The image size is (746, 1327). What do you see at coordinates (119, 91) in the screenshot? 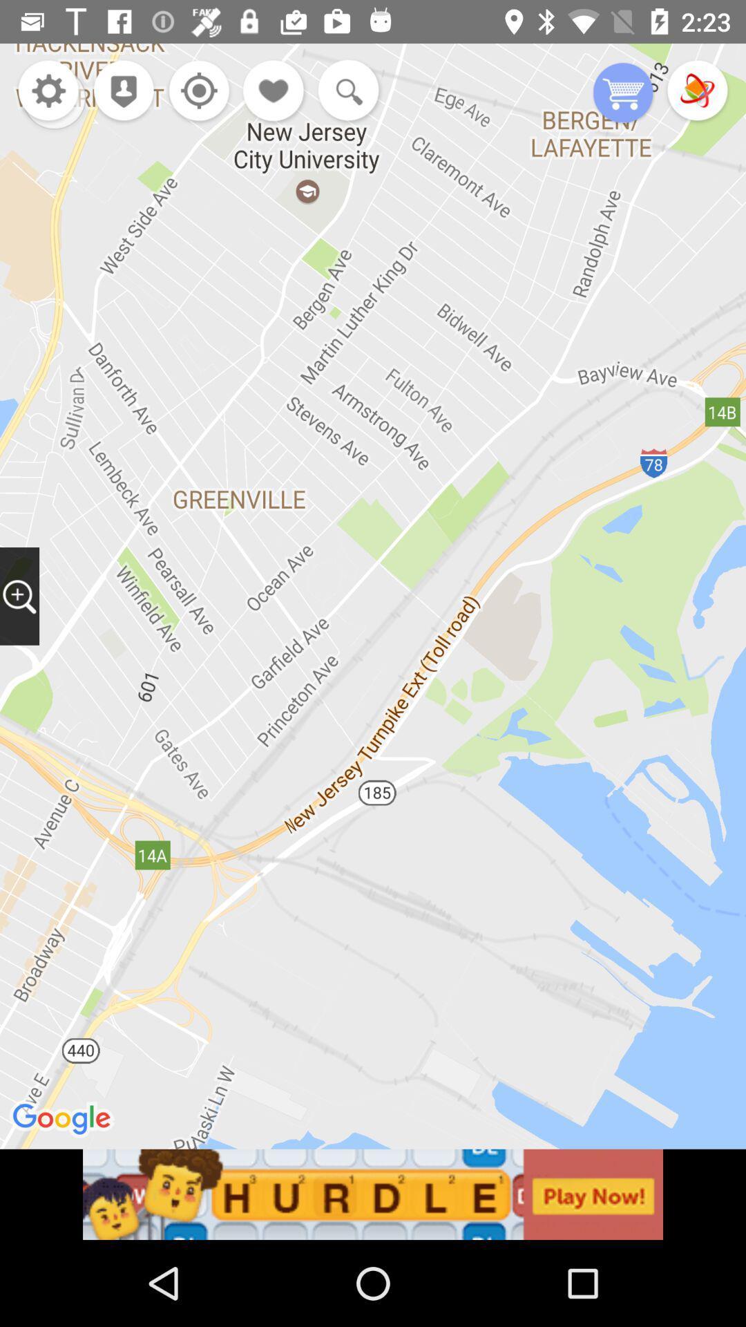
I see `the location icon` at bounding box center [119, 91].